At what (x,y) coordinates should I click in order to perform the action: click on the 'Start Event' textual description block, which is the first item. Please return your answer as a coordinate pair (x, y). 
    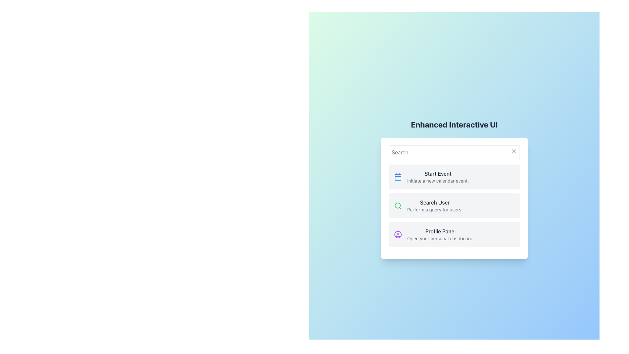
    Looking at the image, I should click on (438, 177).